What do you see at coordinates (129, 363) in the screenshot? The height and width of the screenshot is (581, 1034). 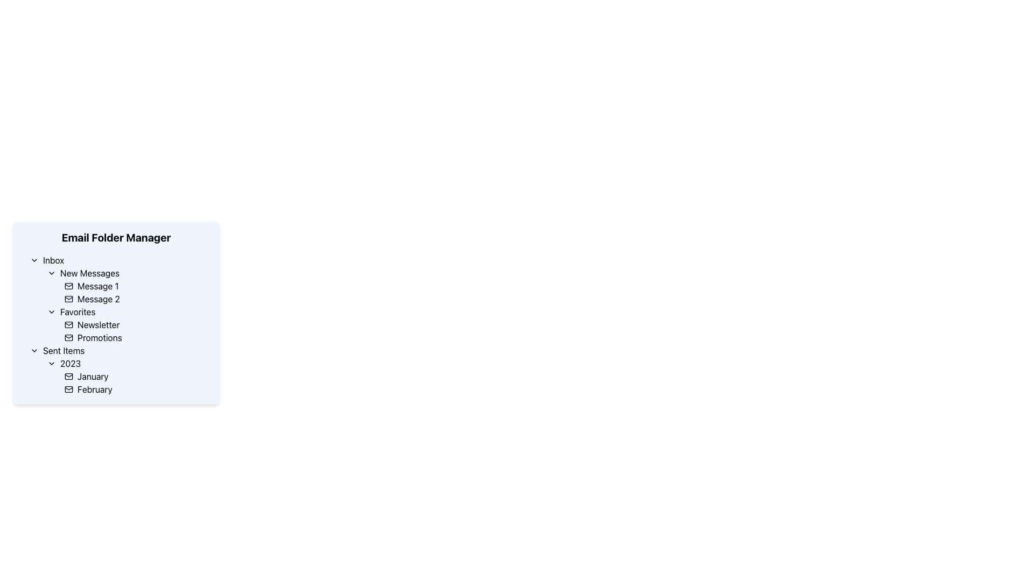 I see `the collapsible tree node labeled for the year 2023` at bounding box center [129, 363].